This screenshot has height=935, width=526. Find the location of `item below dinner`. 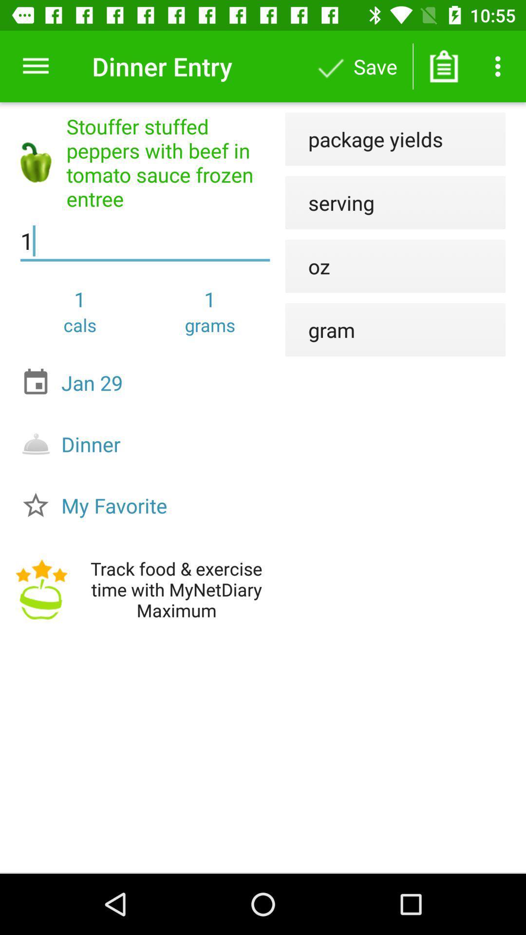

item below dinner is located at coordinates (148, 505).